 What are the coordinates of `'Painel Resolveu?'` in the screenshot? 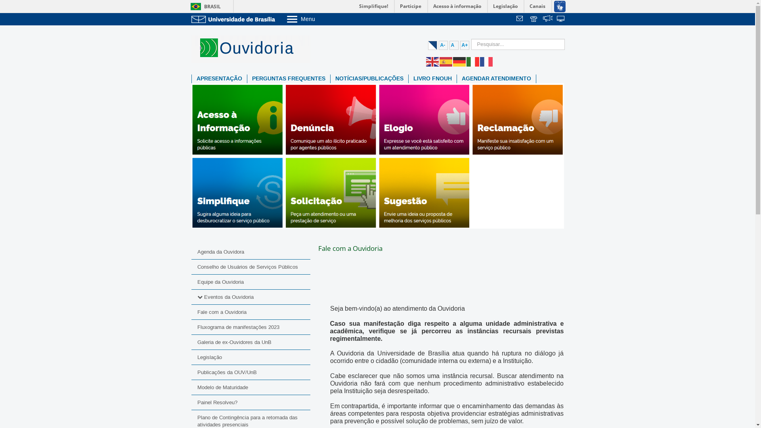 It's located at (250, 402).